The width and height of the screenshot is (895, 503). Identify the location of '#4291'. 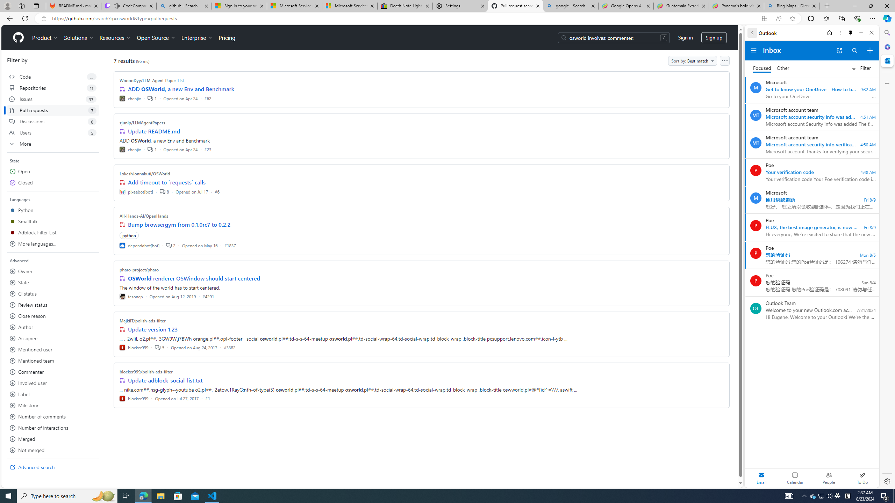
(208, 296).